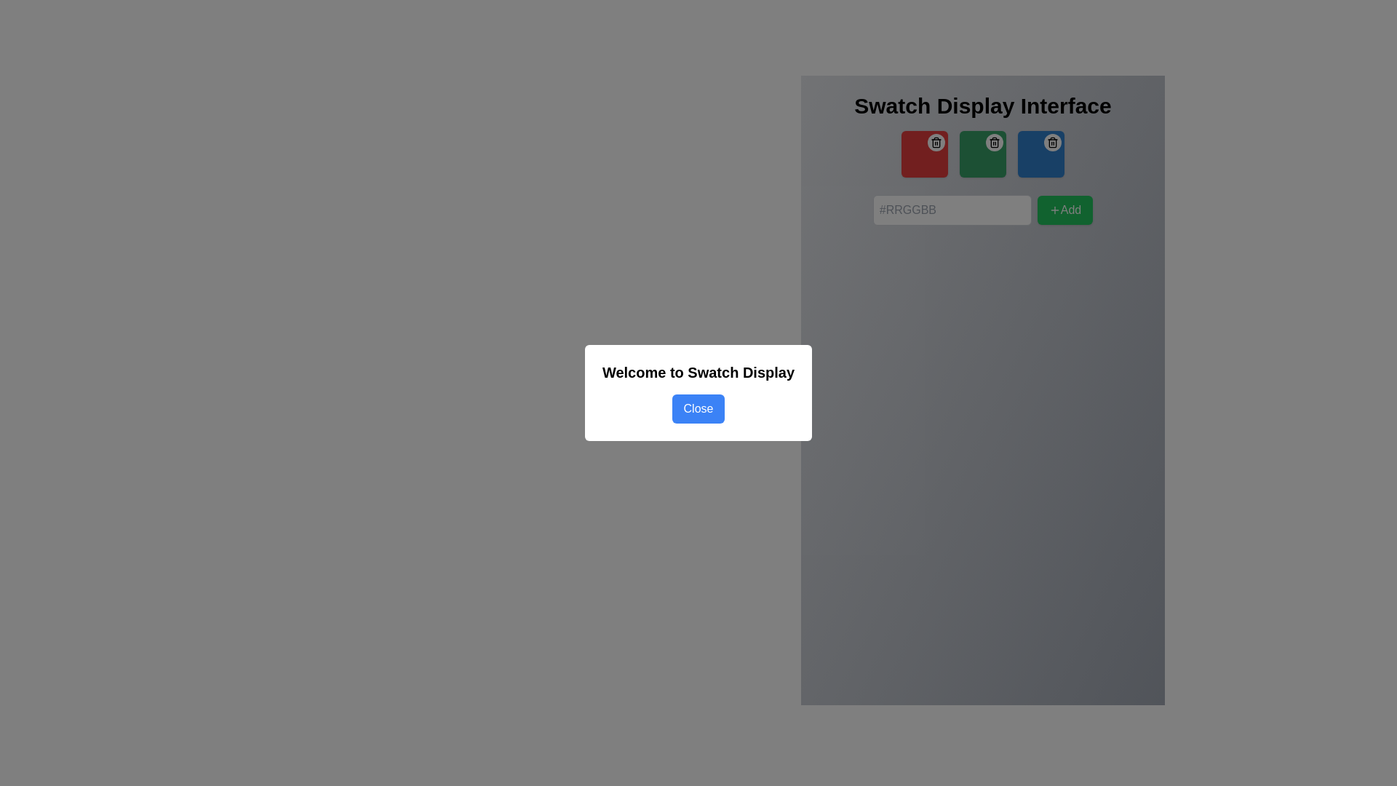 Image resolution: width=1397 pixels, height=786 pixels. What do you see at coordinates (1052, 143) in the screenshot?
I see `the delete button with an icon located in the top-right corner of the blue swatch` at bounding box center [1052, 143].